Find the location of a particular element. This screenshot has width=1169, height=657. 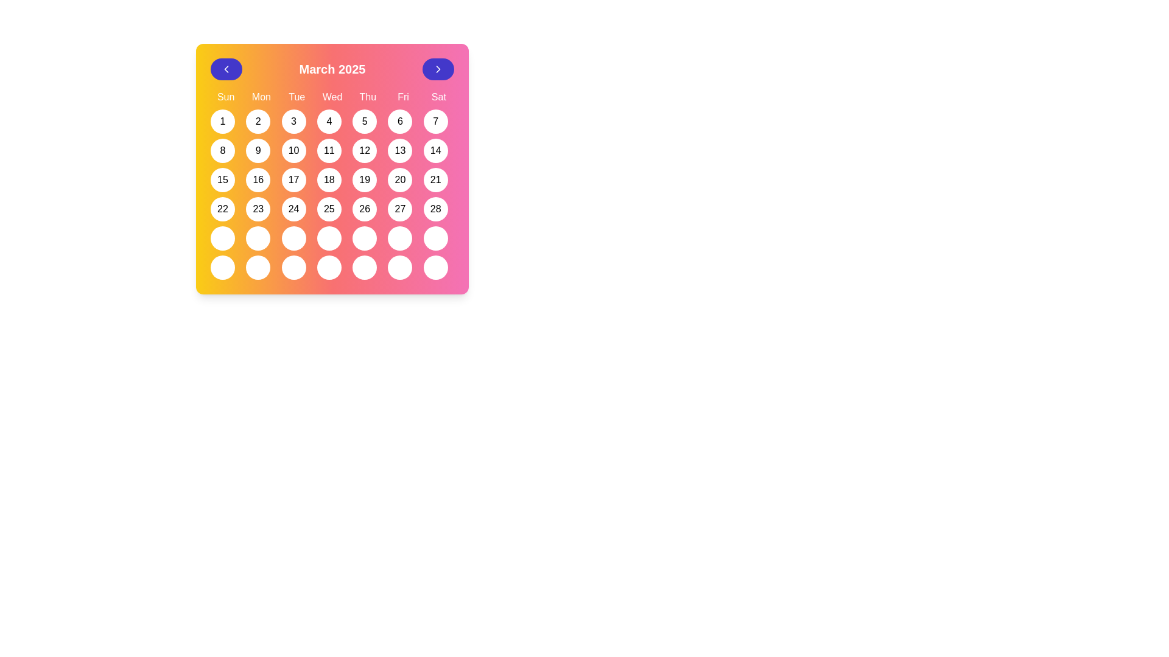

the button representing the date '5' in the calendar grid is located at coordinates (364, 122).